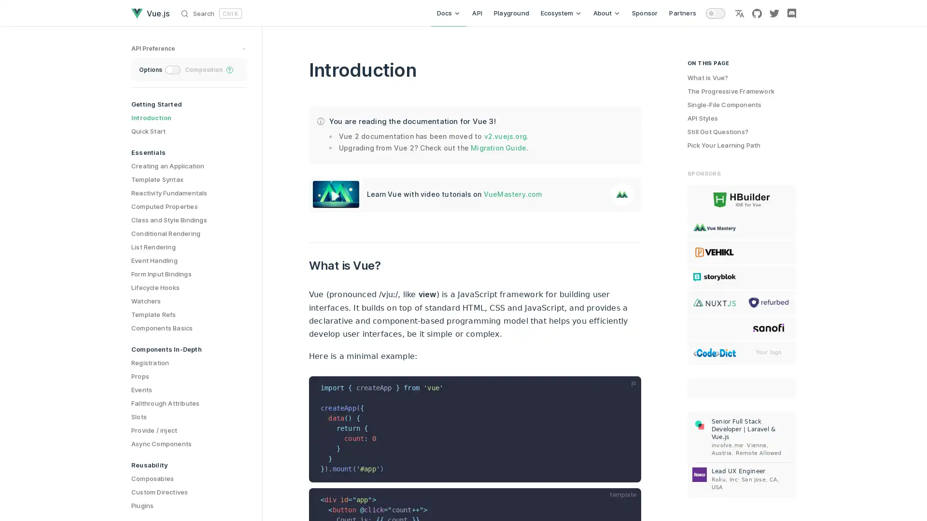 The image size is (927, 521). What do you see at coordinates (189, 49) in the screenshot?
I see `preference switches toggle` at bounding box center [189, 49].